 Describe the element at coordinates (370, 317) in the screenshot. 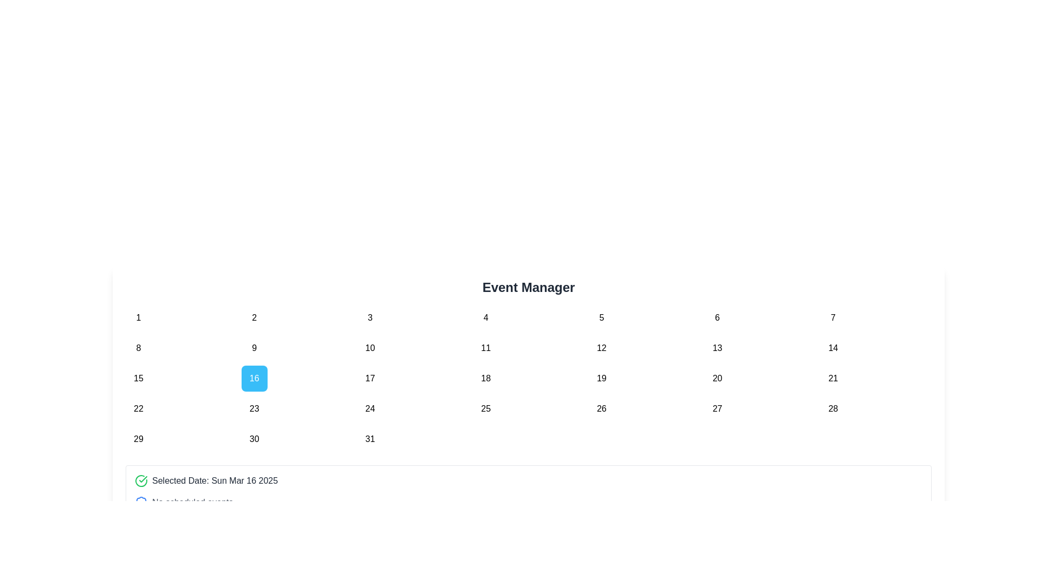

I see `the selectable day button in the calendar interface to interact` at that location.